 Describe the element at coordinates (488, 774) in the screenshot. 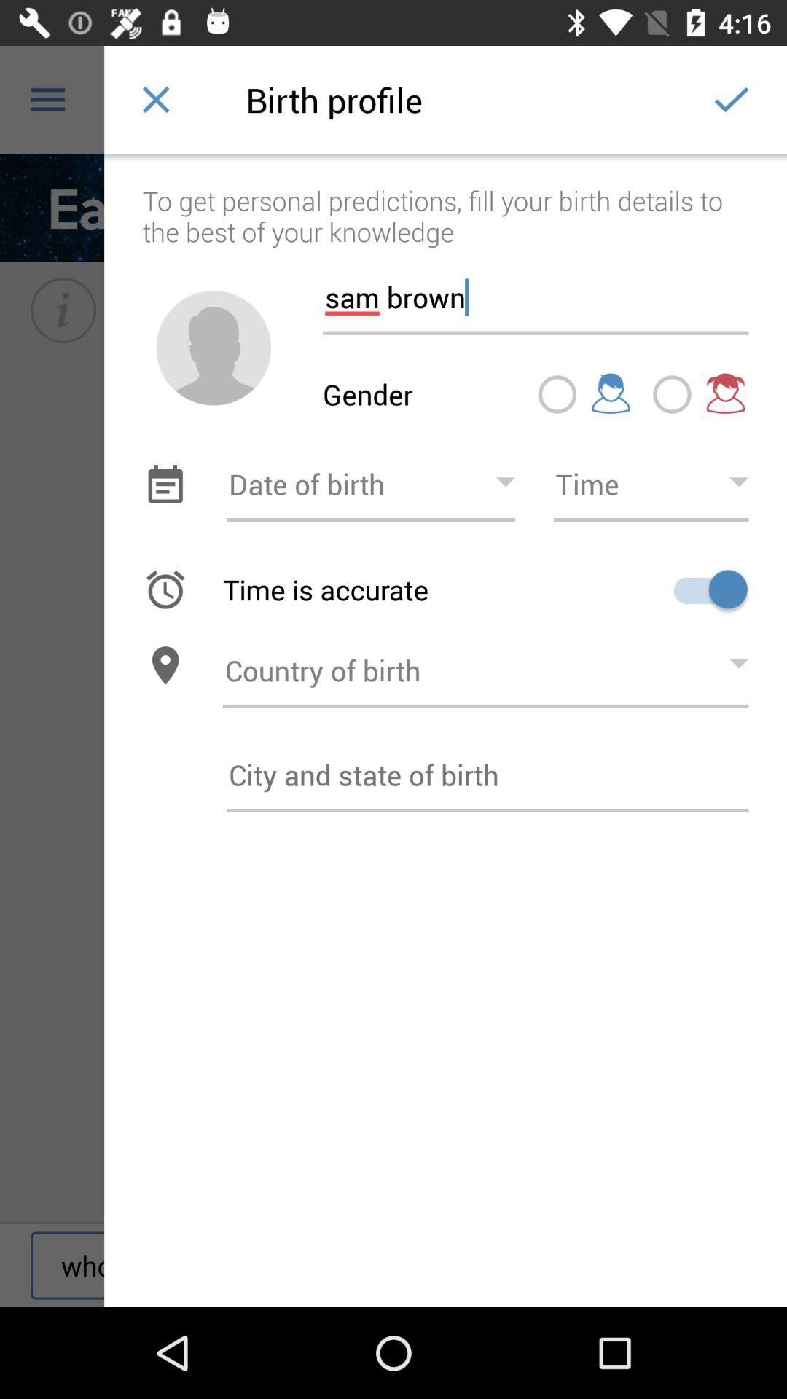

I see `information on place of birth` at that location.